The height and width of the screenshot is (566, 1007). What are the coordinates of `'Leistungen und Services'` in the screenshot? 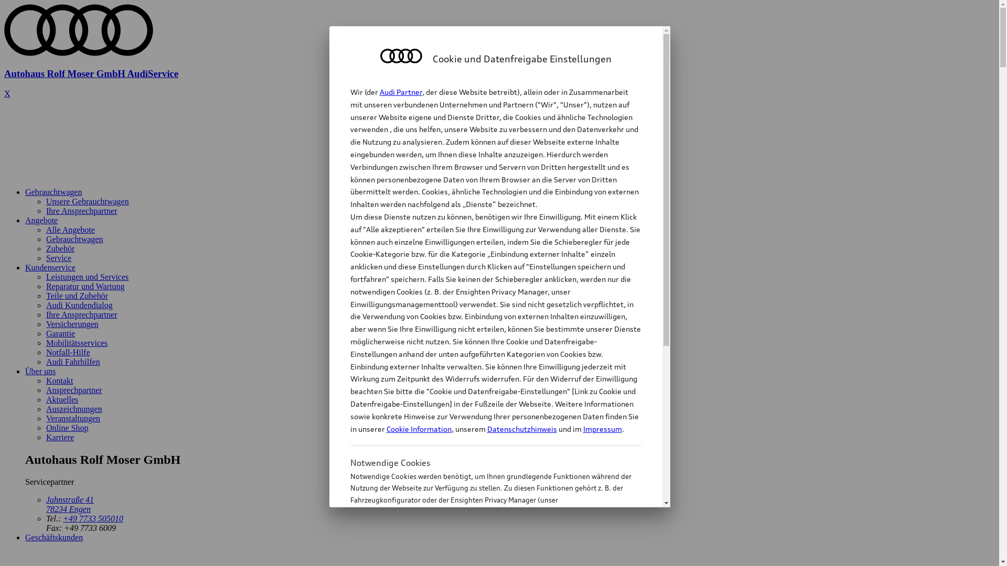 It's located at (87, 276).